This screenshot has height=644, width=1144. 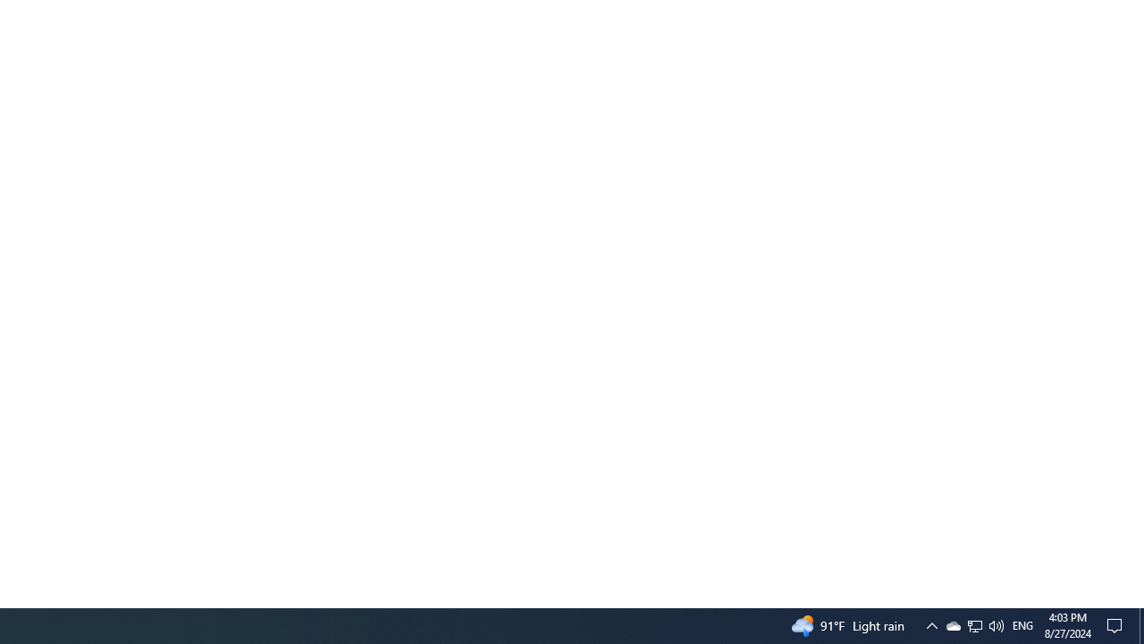 I want to click on 'Notification Chevron', so click(x=930, y=624).